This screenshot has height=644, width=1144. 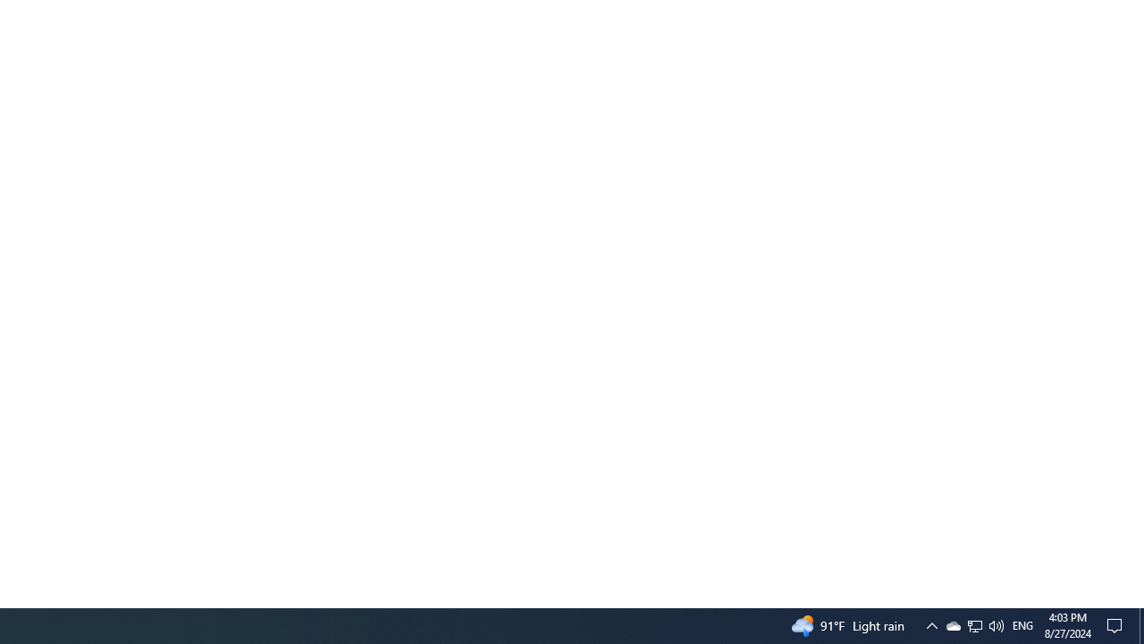 I want to click on 'Notification Chevron', so click(x=930, y=624).